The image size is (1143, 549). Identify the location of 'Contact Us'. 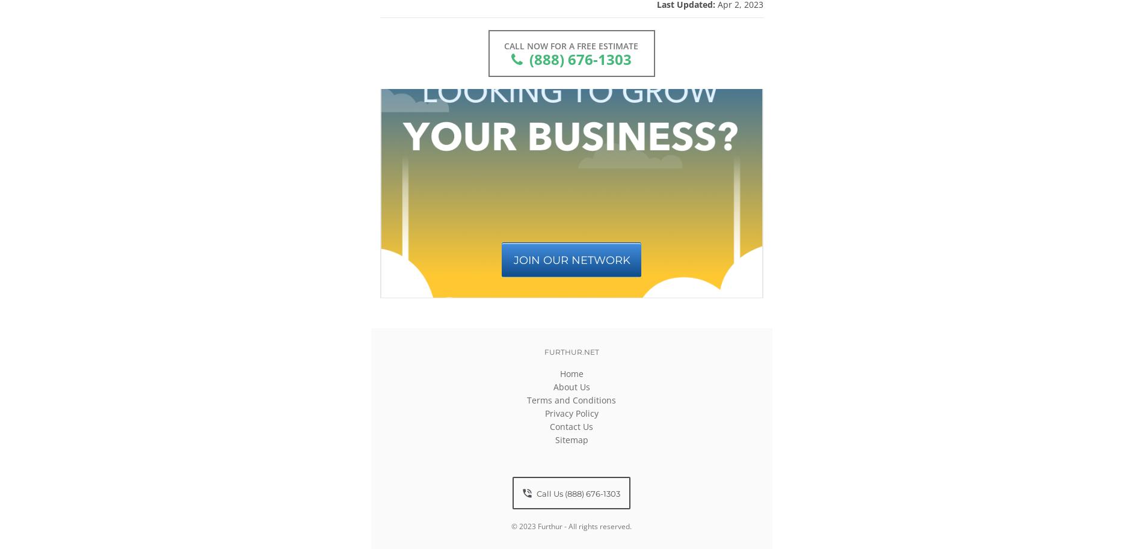
(571, 426).